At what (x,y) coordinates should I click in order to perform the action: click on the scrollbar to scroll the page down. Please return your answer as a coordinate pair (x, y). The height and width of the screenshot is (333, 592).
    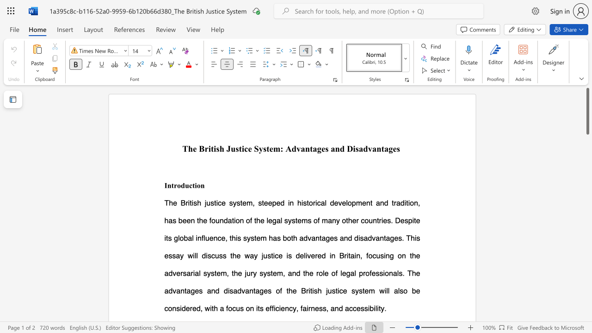
    Looking at the image, I should click on (587, 254).